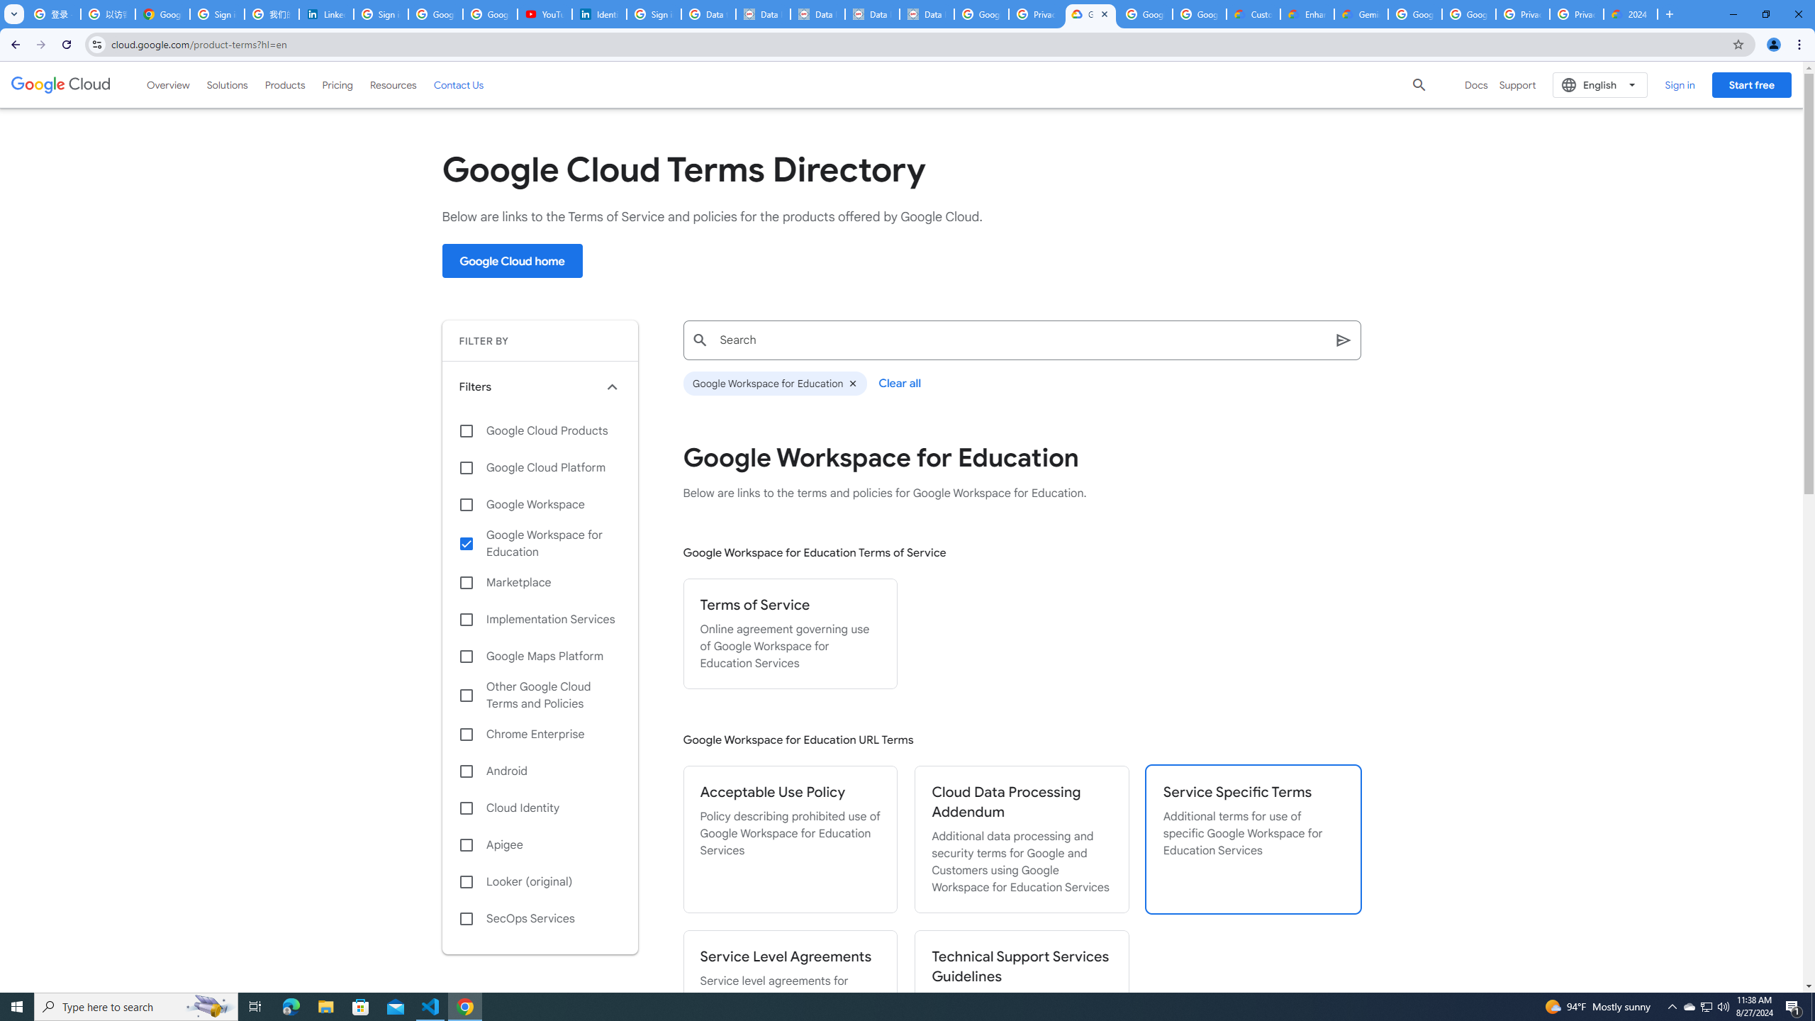  I want to click on 'Chrome Enterprise', so click(540, 734).